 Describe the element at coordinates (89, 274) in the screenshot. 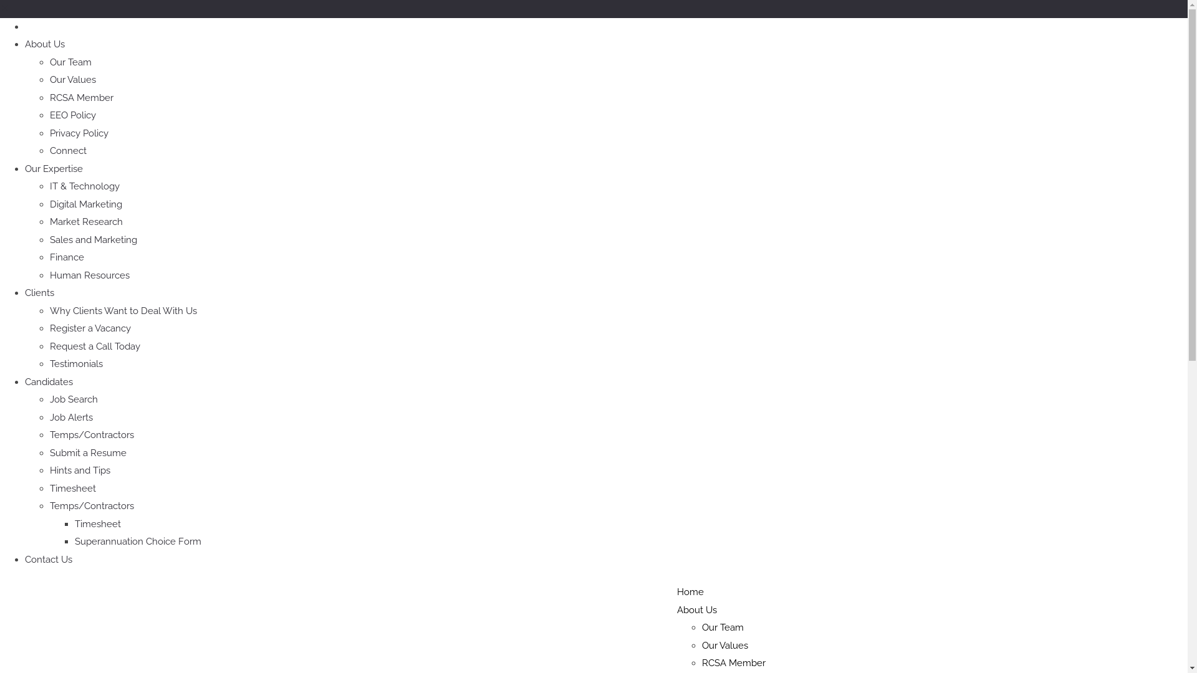

I see `'Human Resources'` at that location.